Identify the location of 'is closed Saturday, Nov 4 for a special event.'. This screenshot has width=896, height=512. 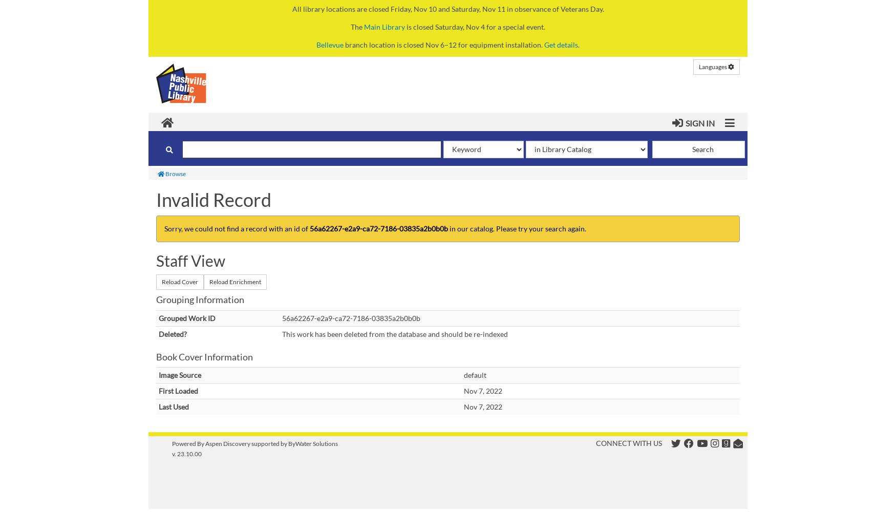
(475, 27).